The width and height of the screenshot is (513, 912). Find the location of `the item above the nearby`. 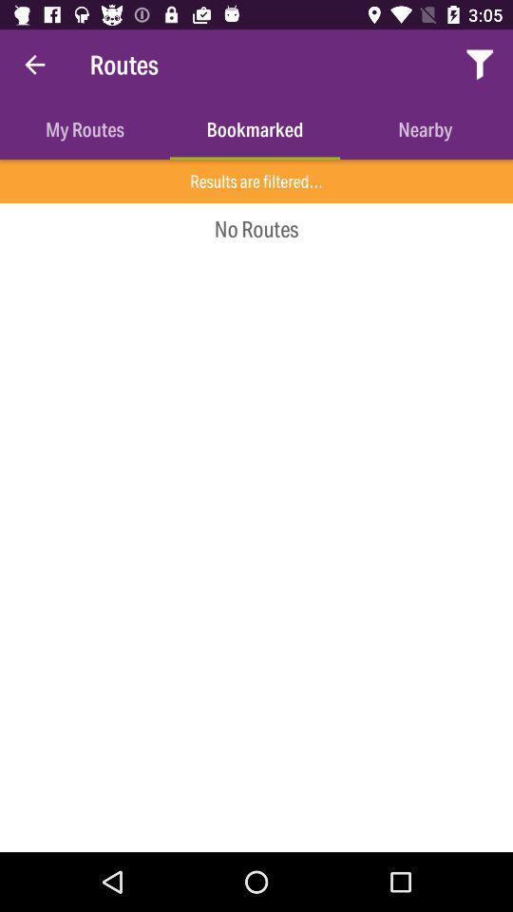

the item above the nearby is located at coordinates (479, 65).